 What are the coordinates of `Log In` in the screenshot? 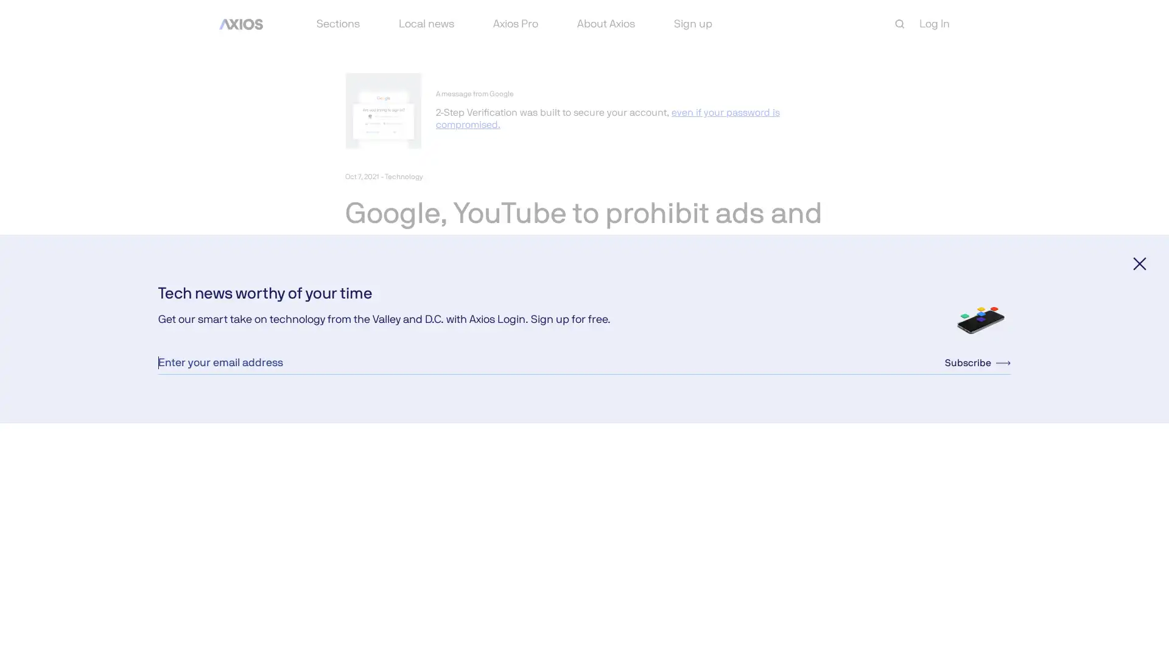 It's located at (934, 23).